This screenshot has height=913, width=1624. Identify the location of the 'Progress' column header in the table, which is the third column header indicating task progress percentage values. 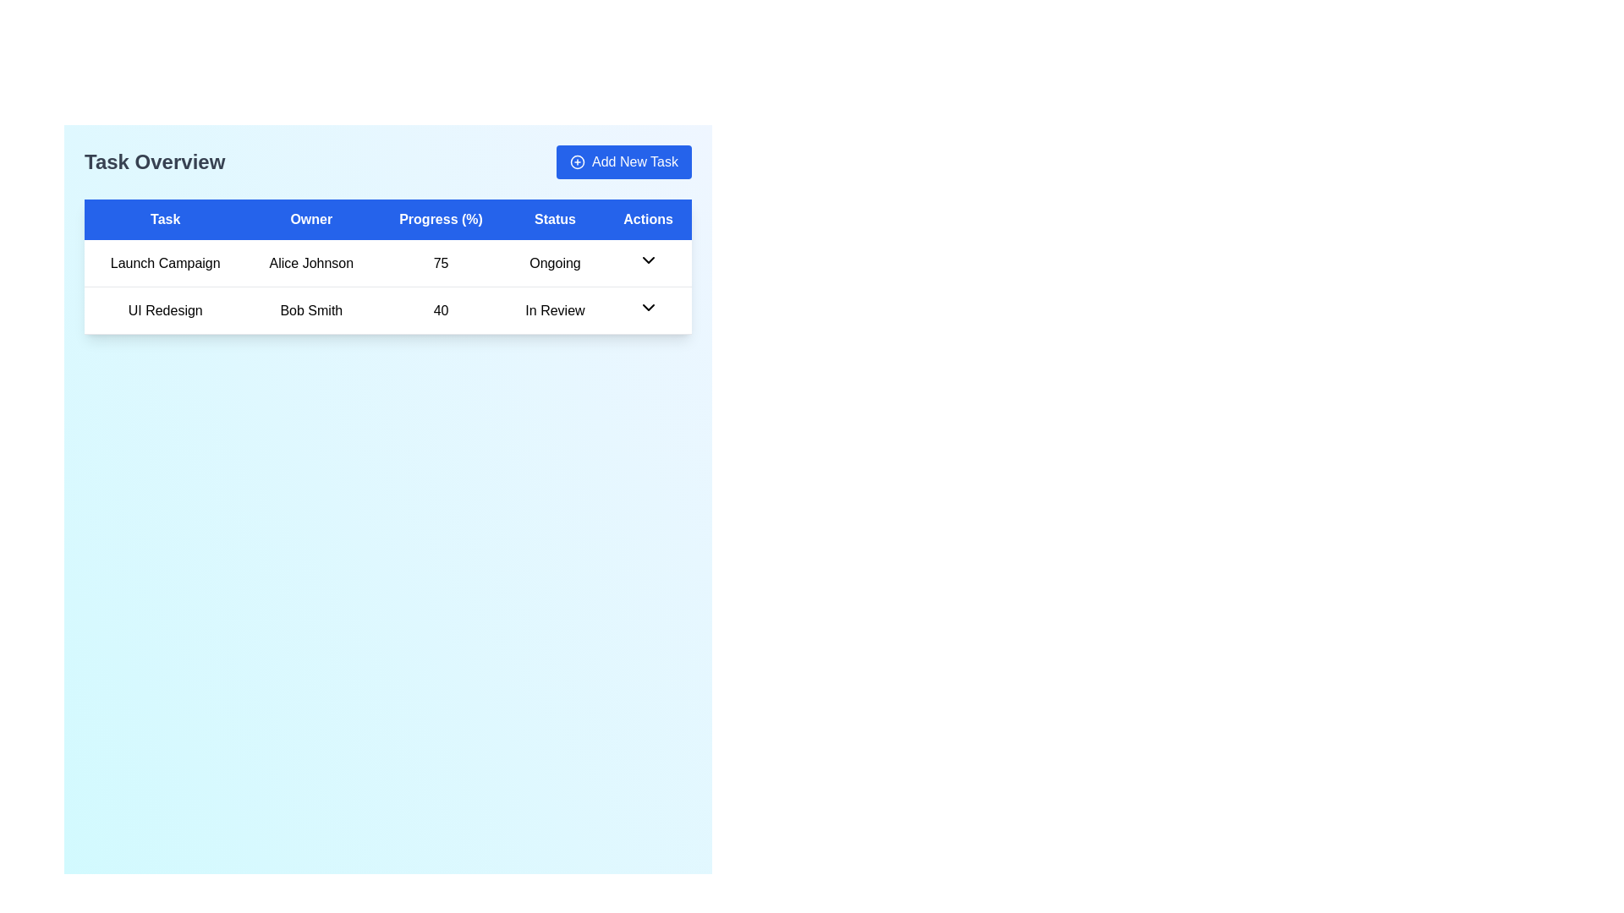
(441, 218).